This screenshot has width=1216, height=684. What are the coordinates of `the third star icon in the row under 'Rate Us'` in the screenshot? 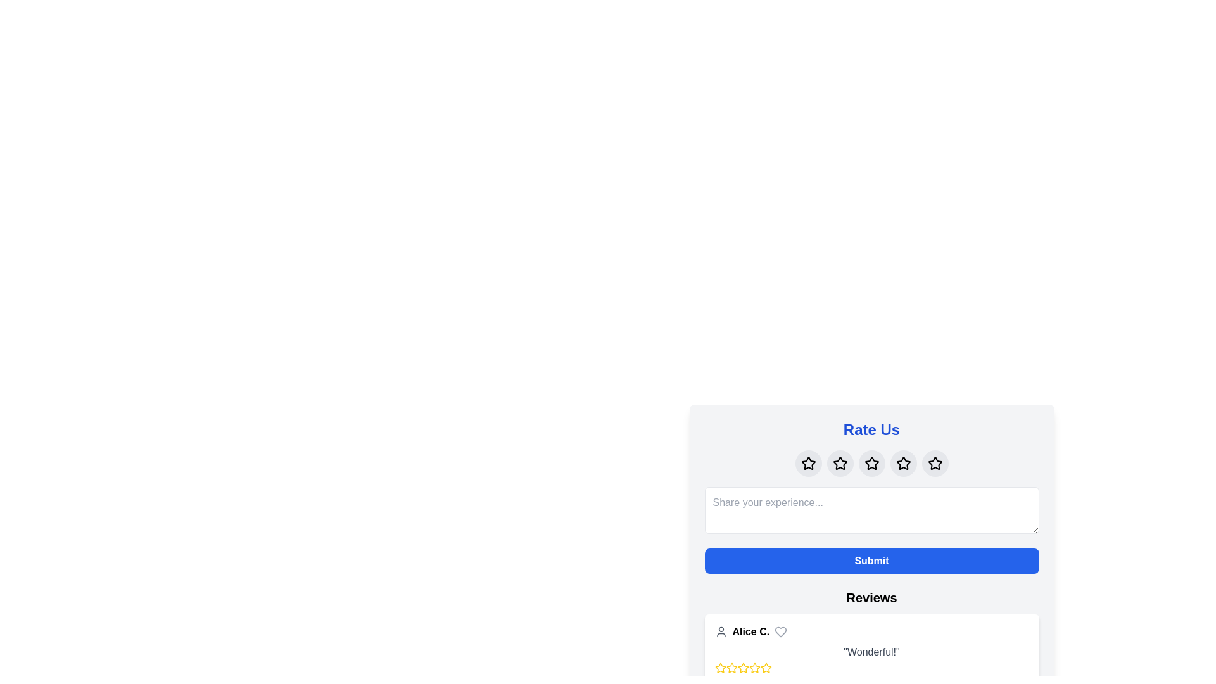 It's located at (871, 463).